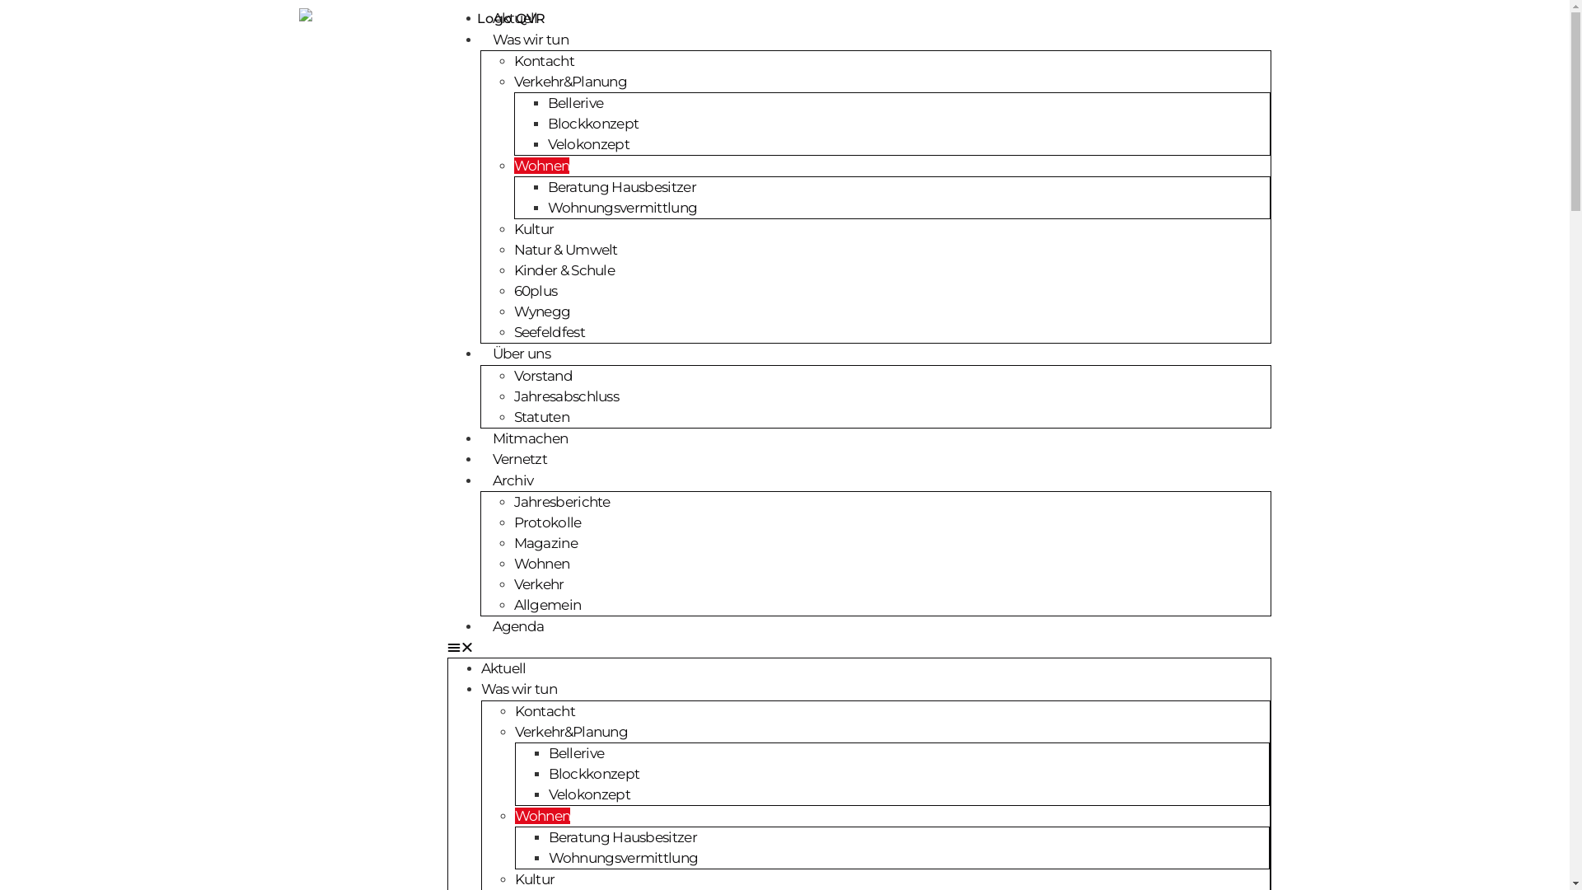 The image size is (1582, 890). Describe the element at coordinates (544, 709) in the screenshot. I see `'Kontacht'` at that location.